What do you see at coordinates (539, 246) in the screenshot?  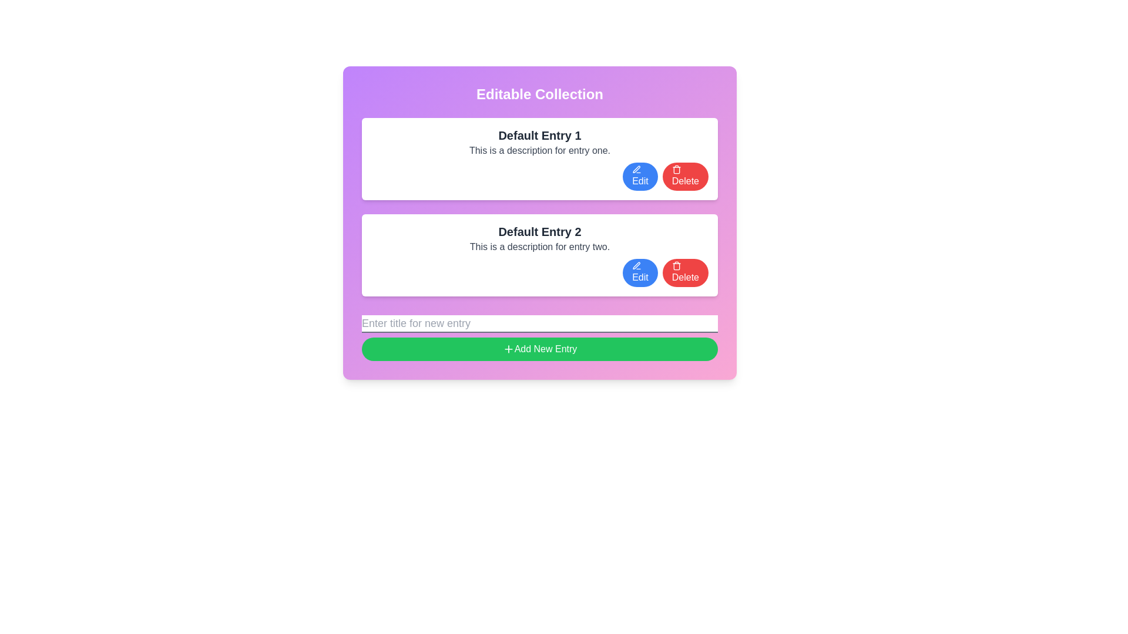 I see `the text label that says 'This is a description for entry two.' which is styled in gray and located below the title 'Default Entry 2'` at bounding box center [539, 246].